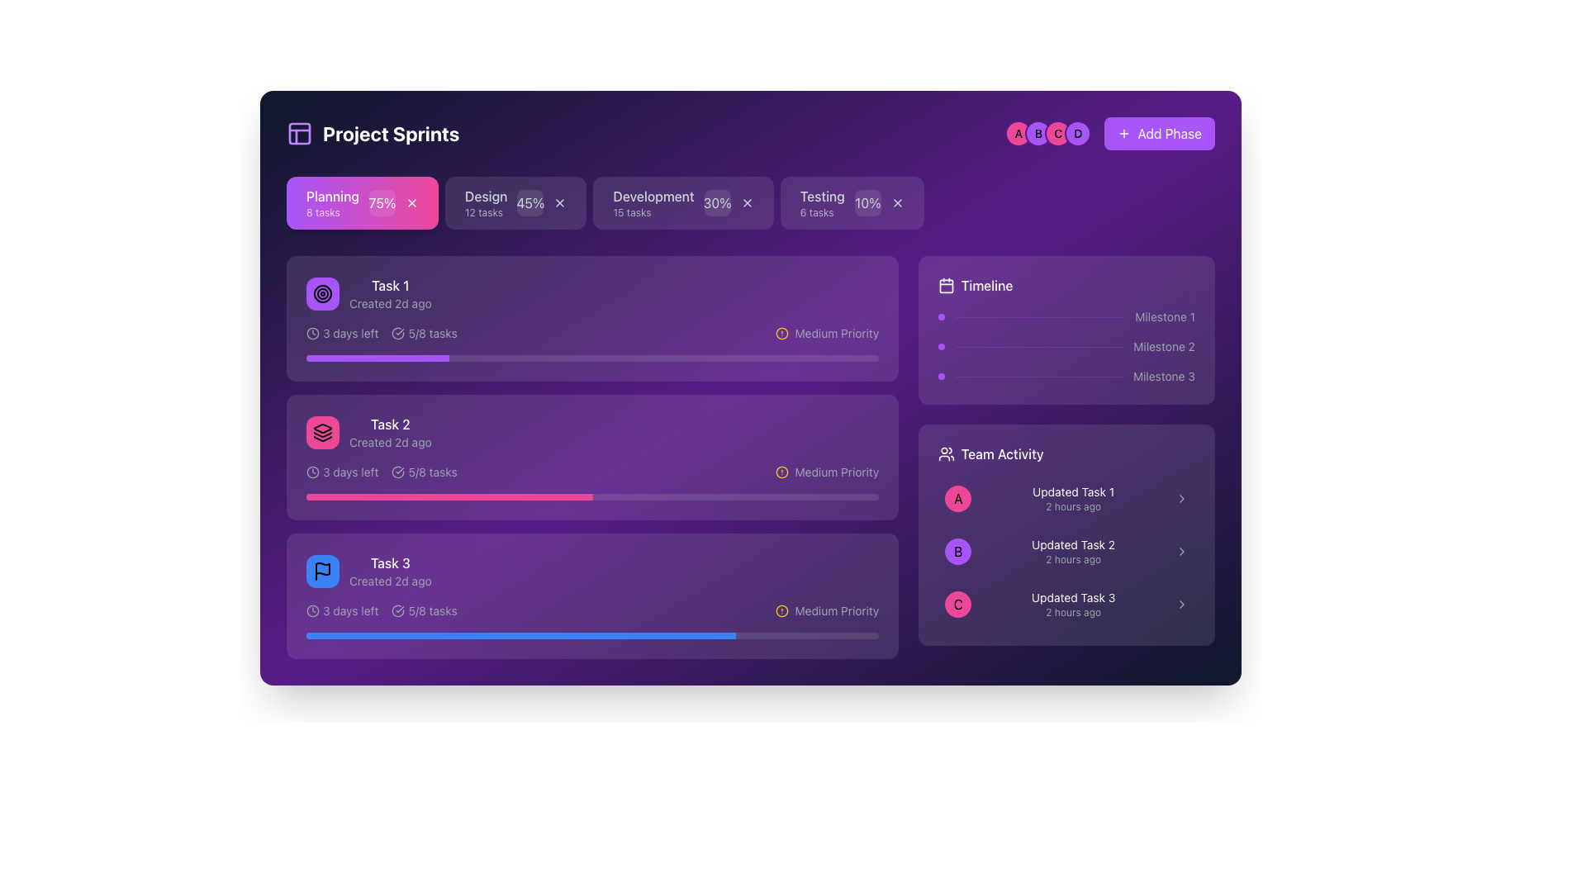 This screenshot has height=892, width=1586. I want to click on the 'Project Sprints' text and accompanying purple icon, which is located at the top-left corner of the interface against a dark purple background, so click(372, 133).